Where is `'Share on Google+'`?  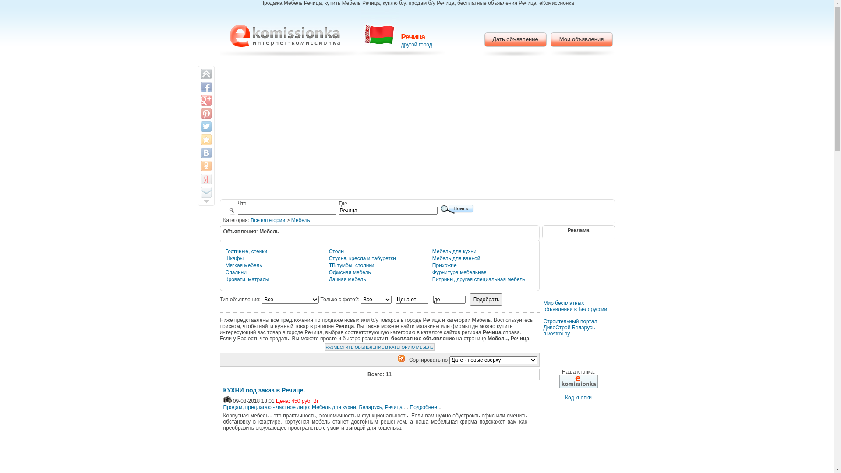
'Share on Google+' is located at coordinates (205, 99).